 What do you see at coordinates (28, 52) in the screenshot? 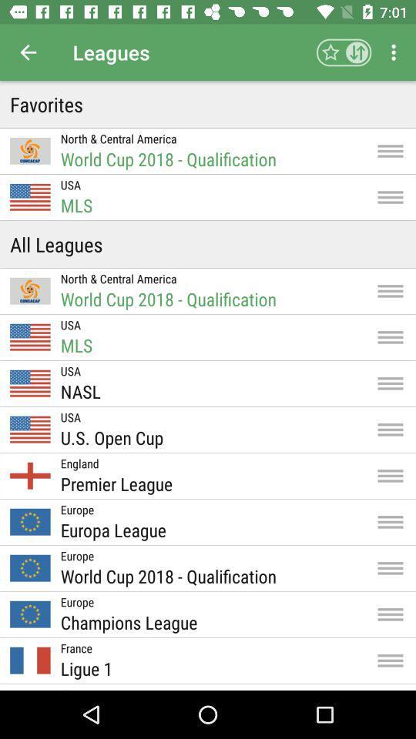
I see `the item next to the leagues icon` at bounding box center [28, 52].